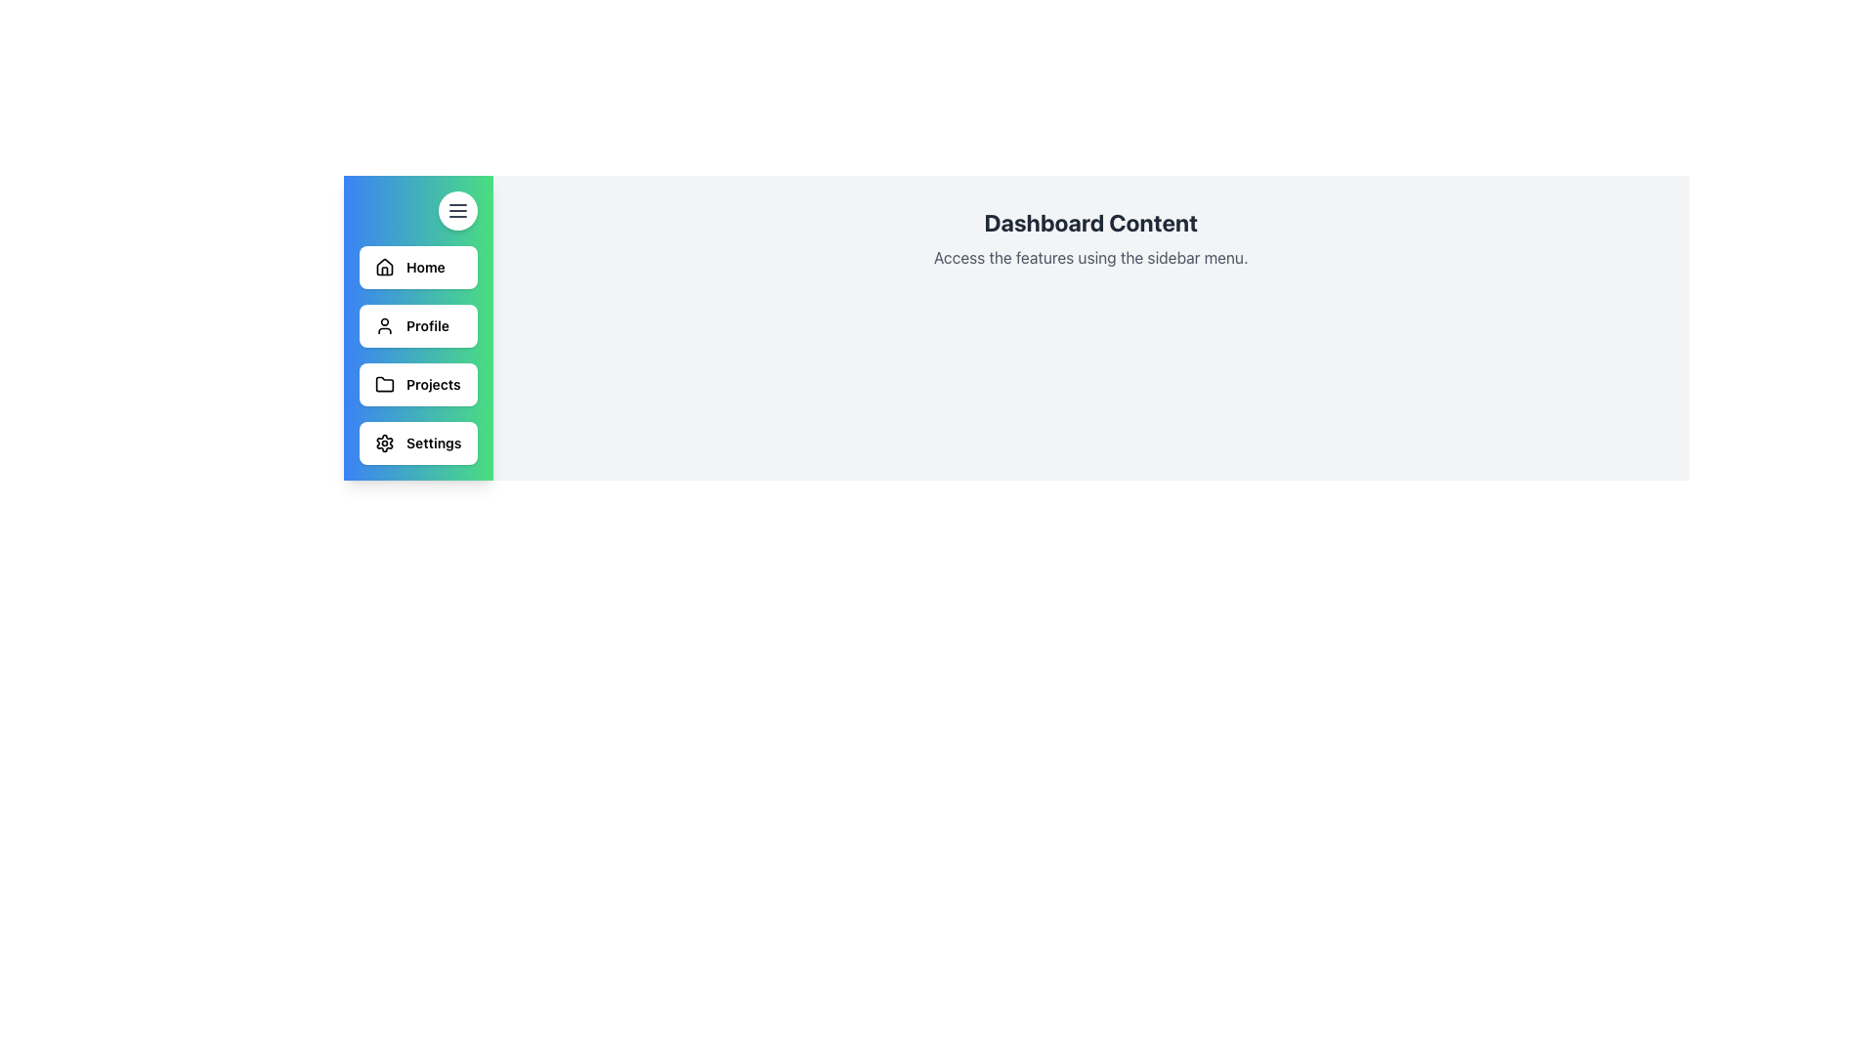 This screenshot has height=1055, width=1876. What do you see at coordinates (384, 384) in the screenshot?
I see `the 'Projects' icon in the sidebar menu, which is visually distinct and located in the third row next to the 'Projects' label` at bounding box center [384, 384].